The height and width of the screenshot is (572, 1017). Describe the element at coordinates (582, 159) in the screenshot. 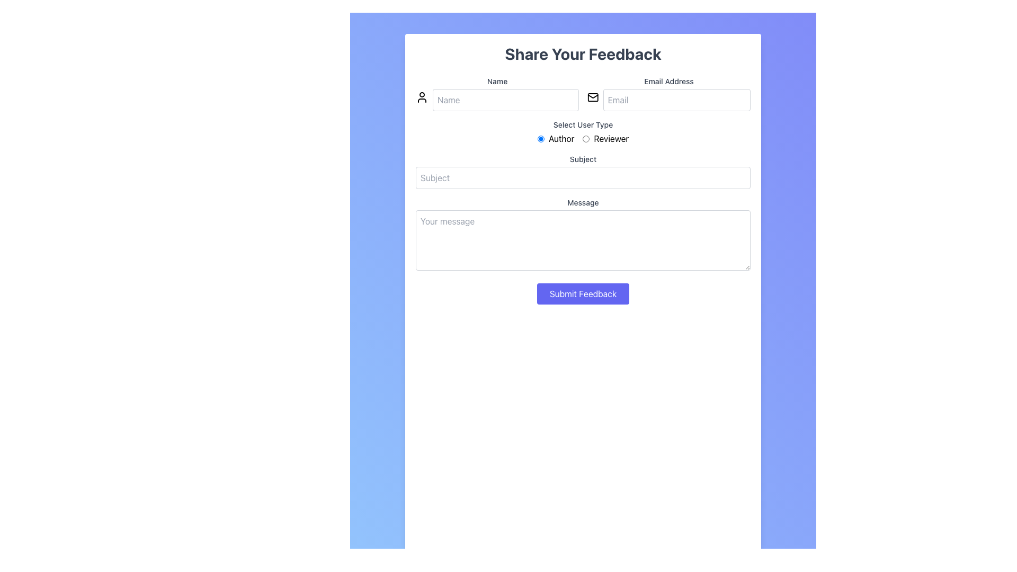

I see `the 'Subject' label, which is a small, bold, gray text element positioned above the corresponding input field in the form` at that location.